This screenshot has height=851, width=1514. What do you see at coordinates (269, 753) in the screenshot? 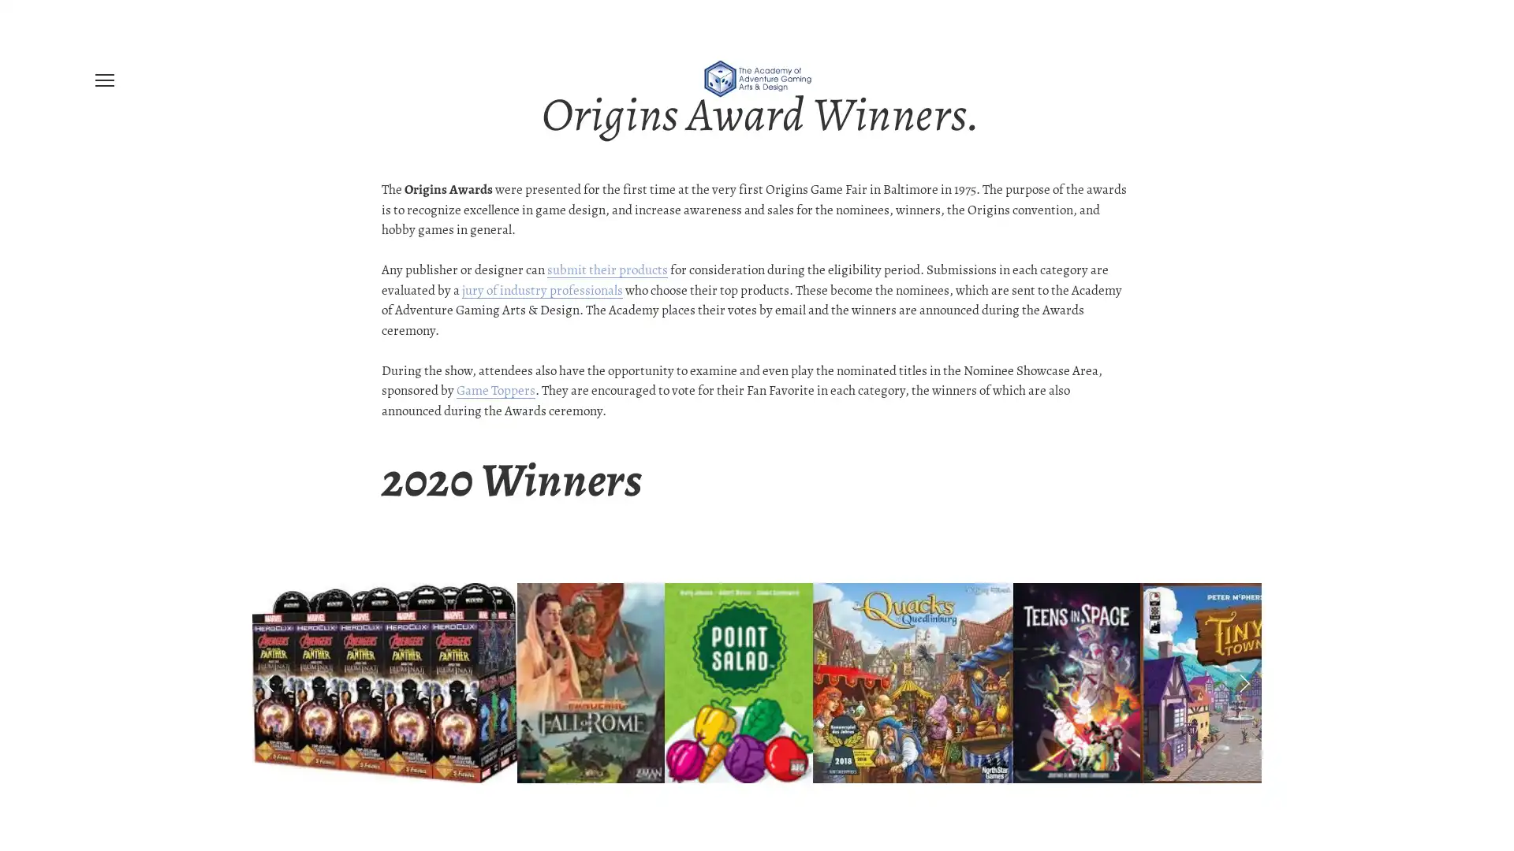
I see `Previous Slide` at bounding box center [269, 753].